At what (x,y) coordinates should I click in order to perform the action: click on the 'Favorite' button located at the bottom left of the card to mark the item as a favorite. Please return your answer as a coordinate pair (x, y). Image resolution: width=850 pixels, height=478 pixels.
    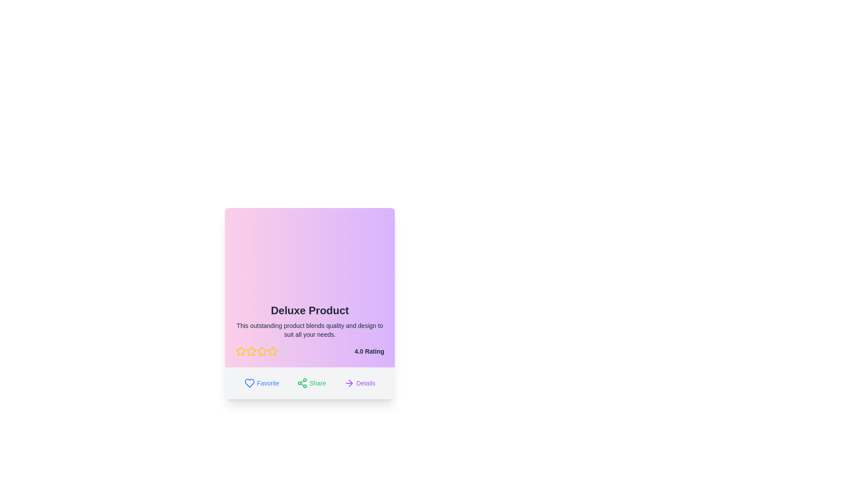
    Looking at the image, I should click on (261, 383).